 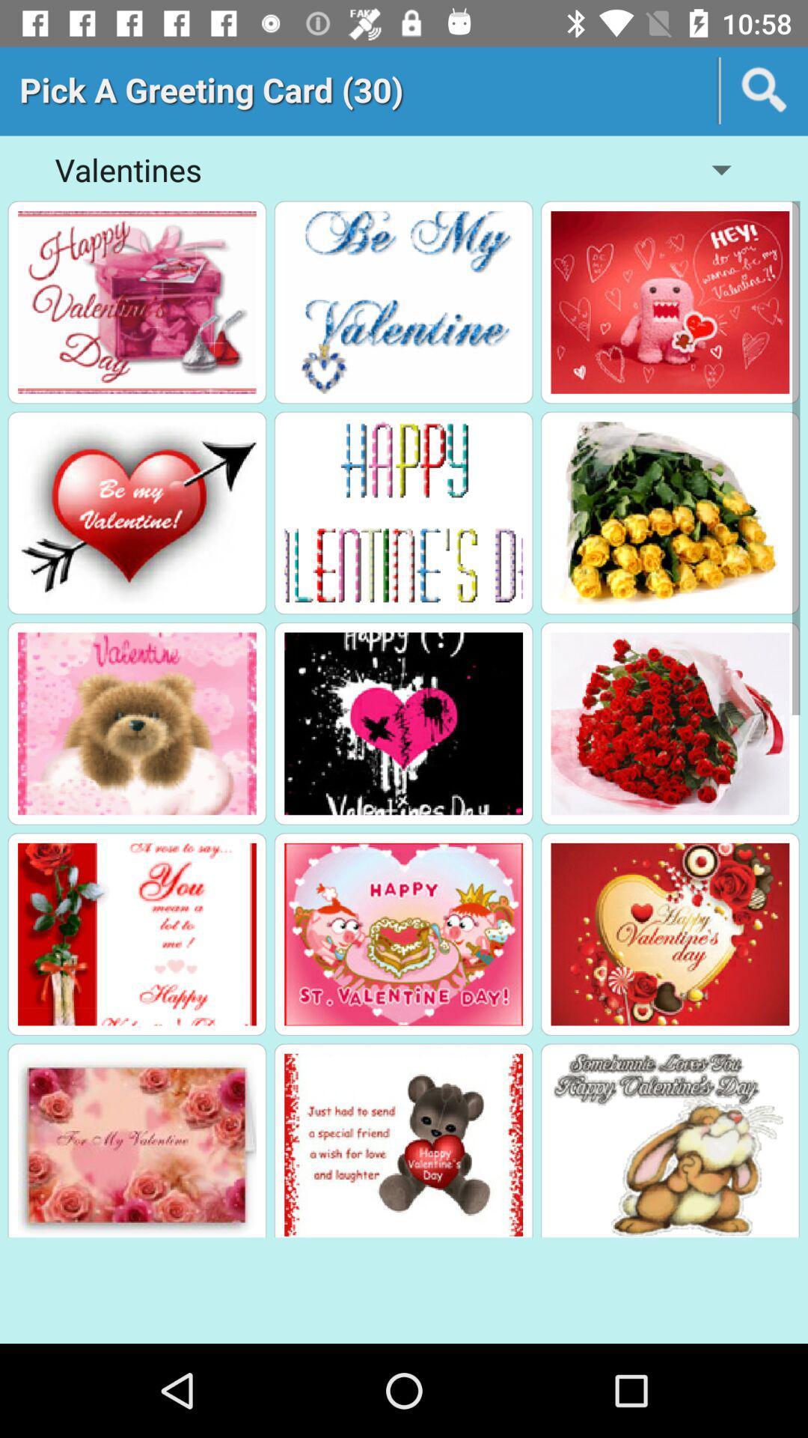 I want to click on open item, so click(x=137, y=301).